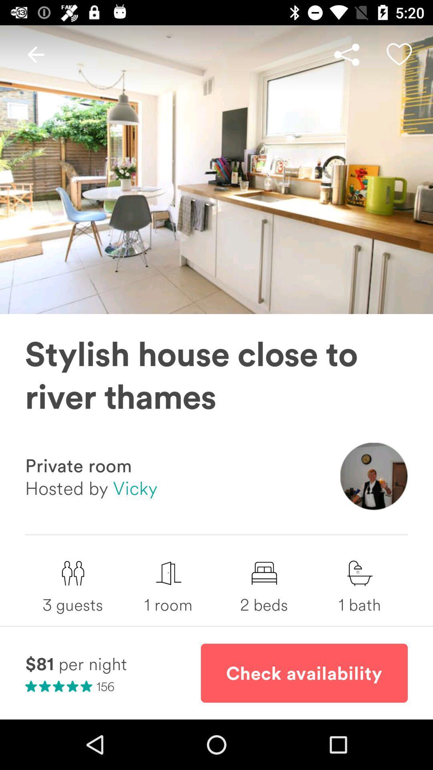 The image size is (433, 770). I want to click on icon above stylish house close, so click(346, 54).